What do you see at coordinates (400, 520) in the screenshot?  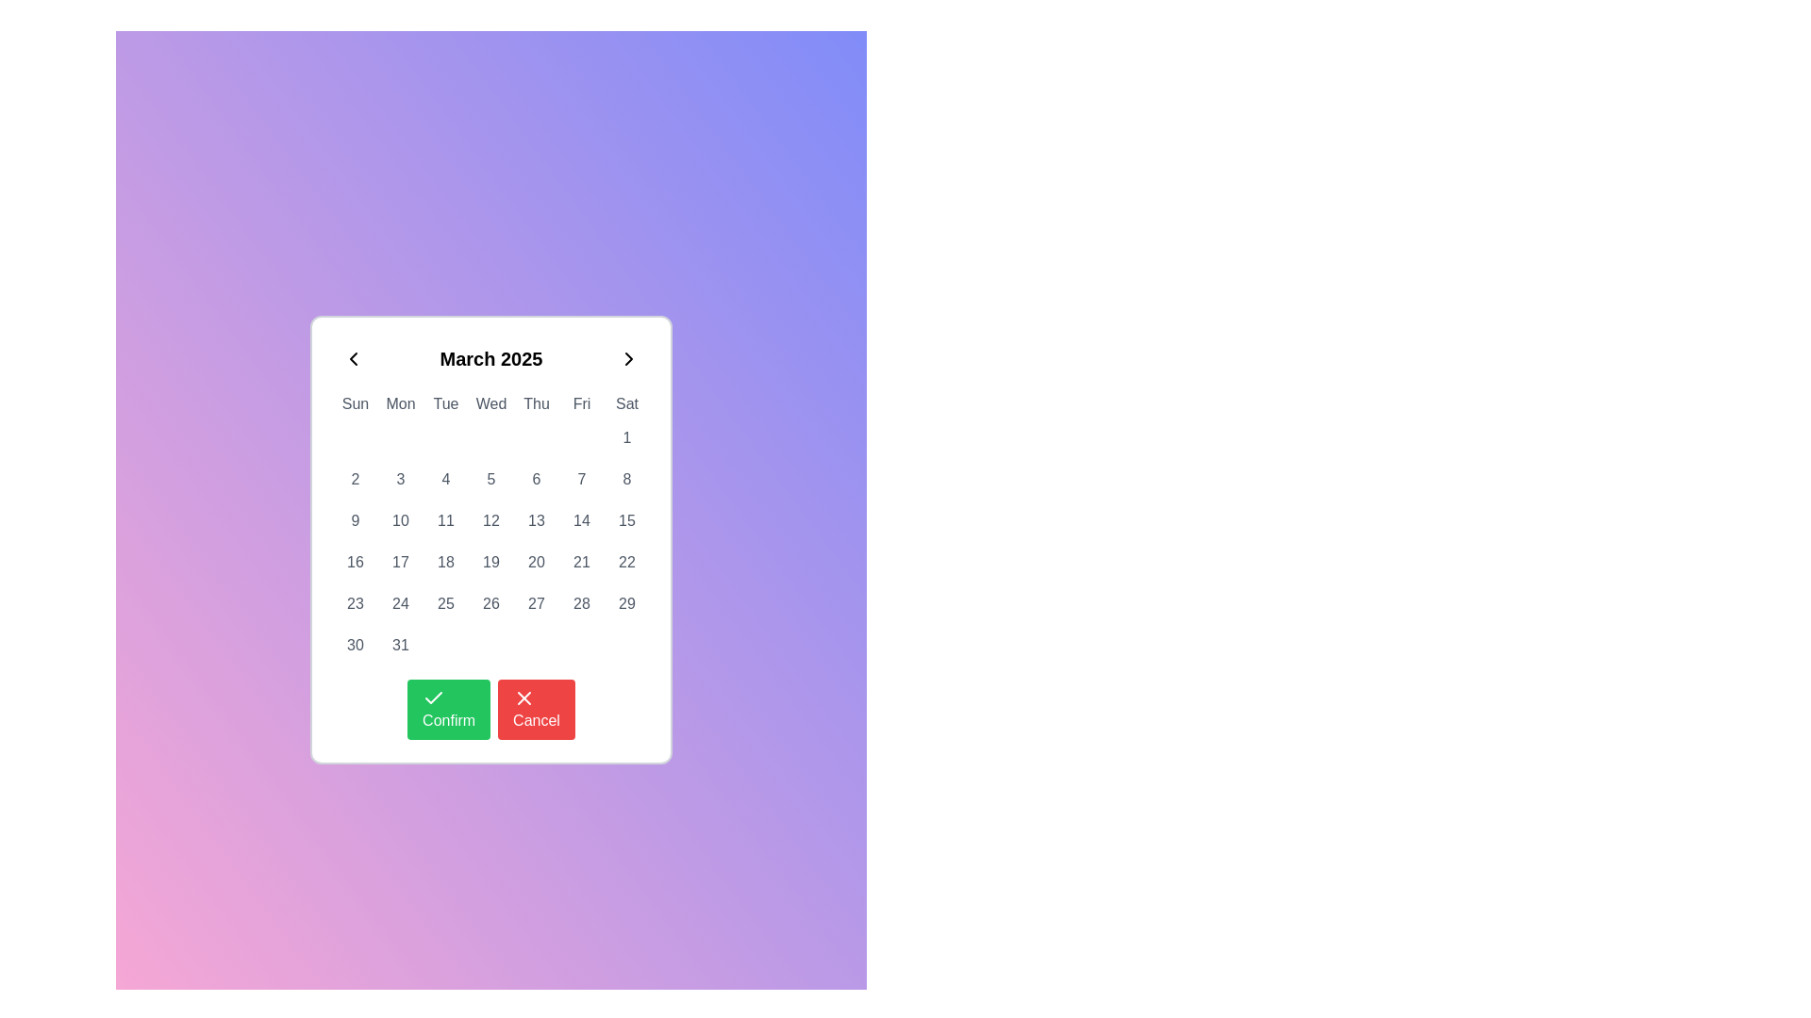 I see `the small rounded-corner rectangular button labeled '10' located in the second week row and the second column of the calendar grid, directly below the 'Mon' header for keyboard navigation` at bounding box center [400, 520].